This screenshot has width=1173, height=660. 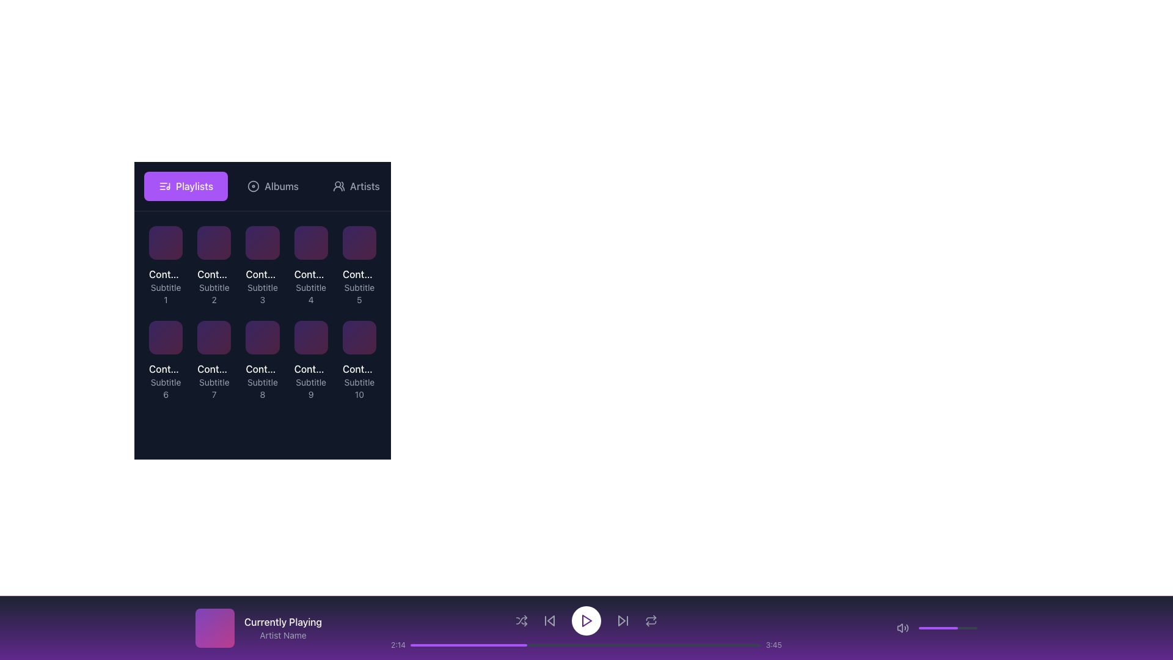 I want to click on the text label displaying 'Content Title 4' which is part of the fourth card in the grid layout under the 'Playlists' header, so click(x=311, y=274).